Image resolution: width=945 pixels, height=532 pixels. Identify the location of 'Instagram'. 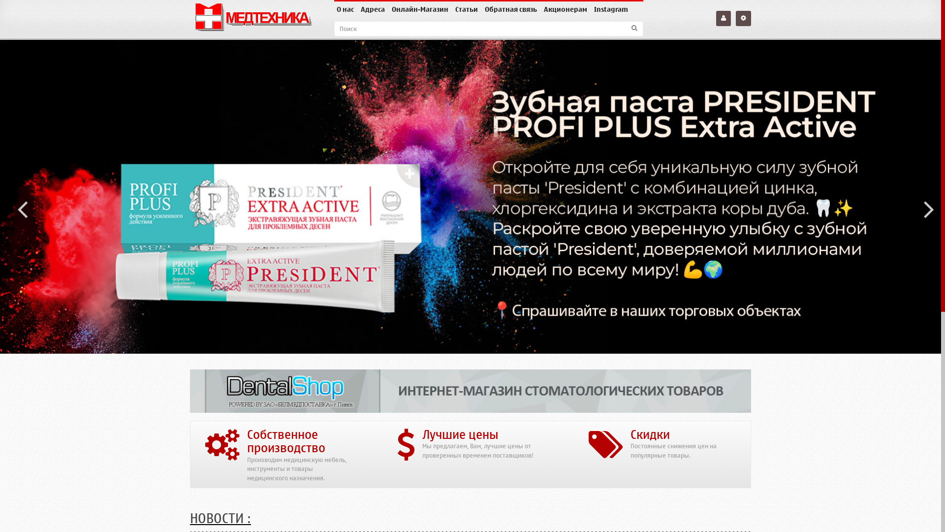
(591, 9).